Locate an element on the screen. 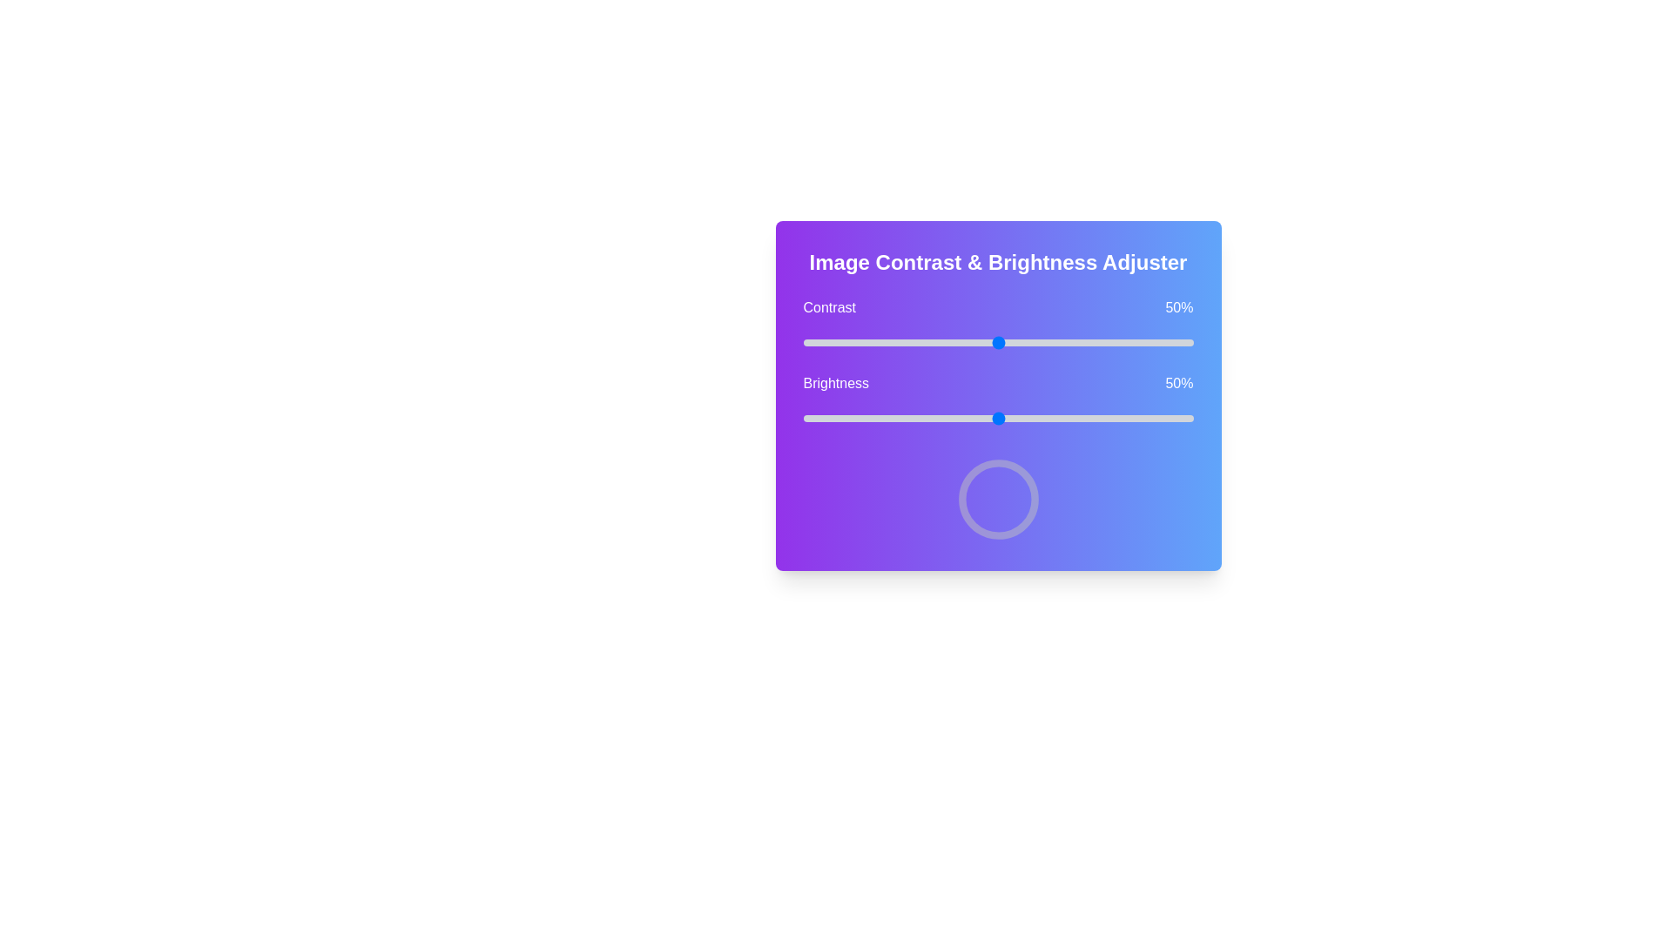 The image size is (1672, 940). the contrast to 93% using the slider is located at coordinates (1166, 342).